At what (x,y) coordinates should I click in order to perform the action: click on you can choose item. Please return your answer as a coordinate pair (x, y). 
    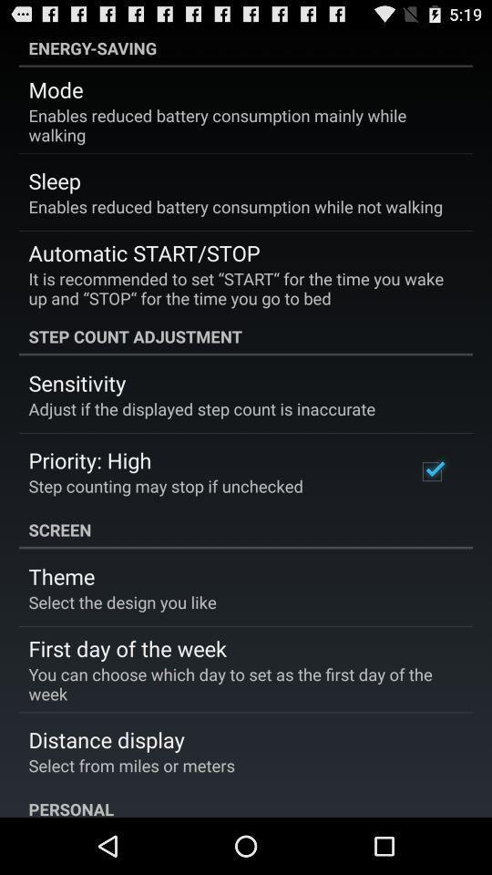
    Looking at the image, I should click on (240, 683).